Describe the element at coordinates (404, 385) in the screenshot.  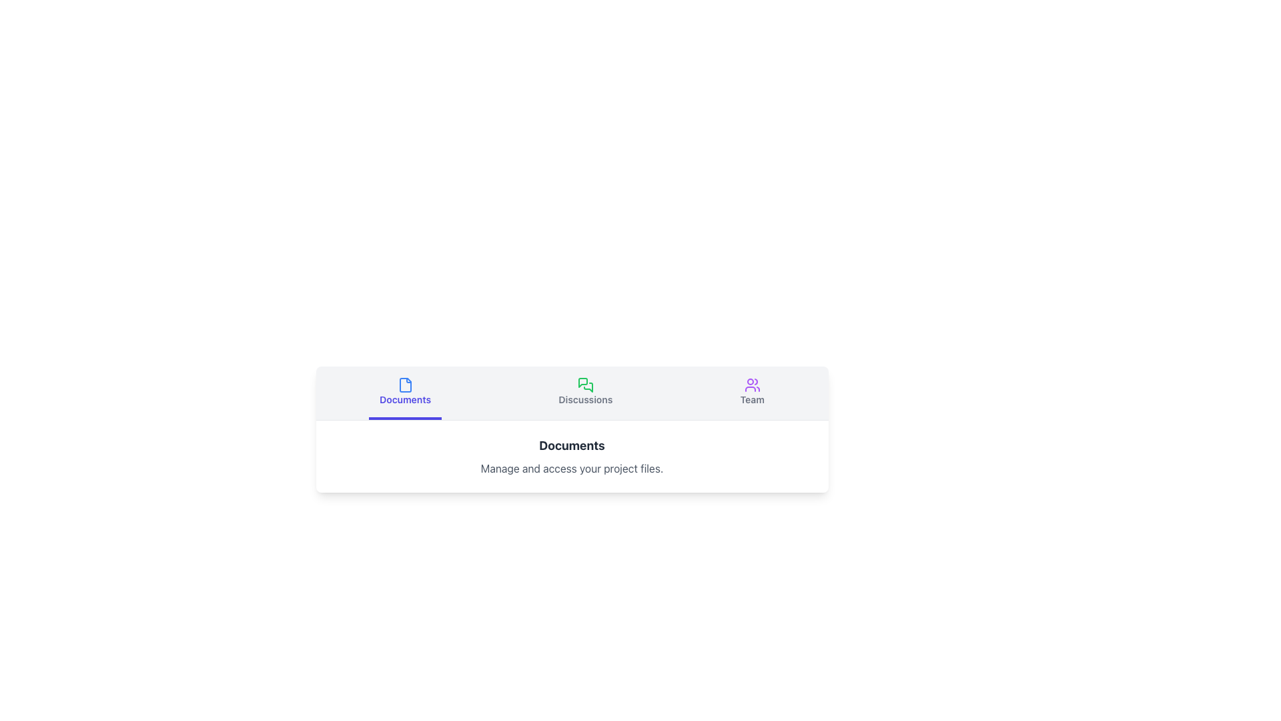
I see `the rectangular document-like icon with a blue outline, located above the 'Documents' text and to the left of the 'Discussions' and 'Team' icons in the horizontal tab group` at that location.